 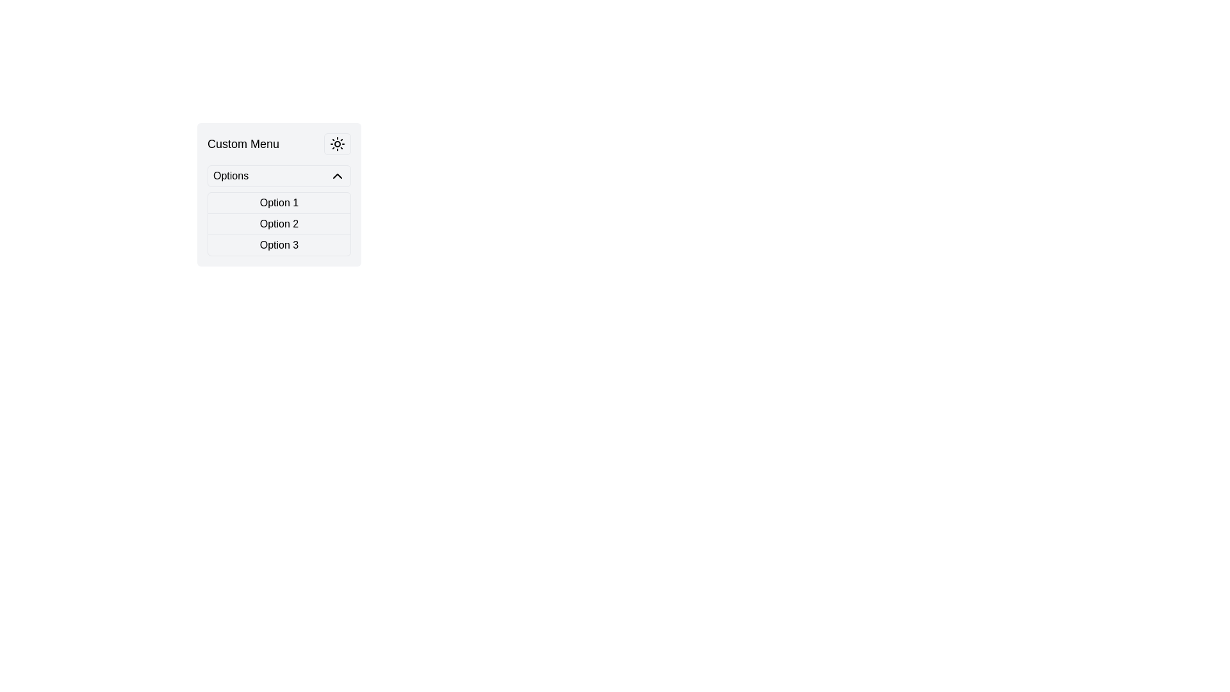 What do you see at coordinates (338, 176) in the screenshot?
I see `the upward-pointing chevron icon located to the far right of the 'Options' label` at bounding box center [338, 176].